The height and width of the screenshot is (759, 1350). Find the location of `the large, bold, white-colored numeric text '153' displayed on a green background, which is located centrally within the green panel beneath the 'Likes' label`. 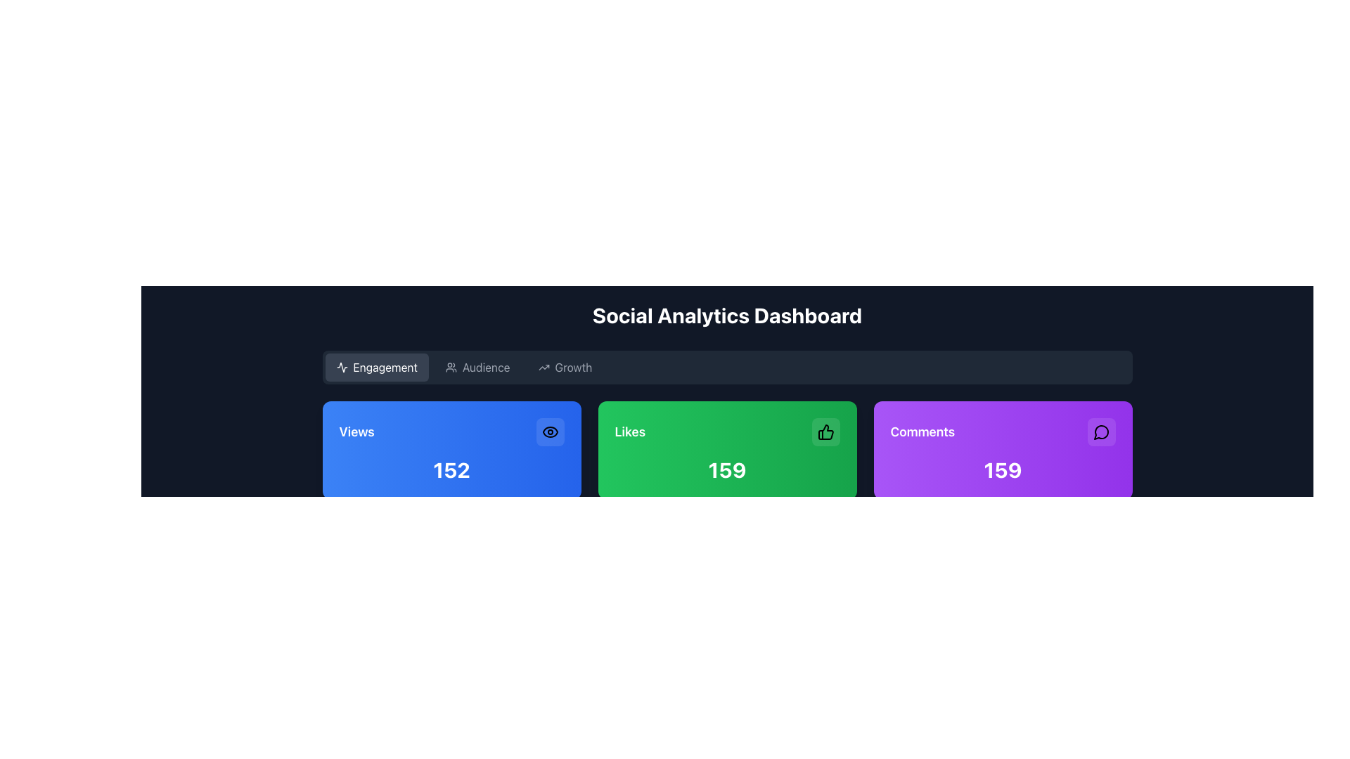

the large, bold, white-colored numeric text '153' displayed on a green background, which is located centrally within the green panel beneath the 'Likes' label is located at coordinates (727, 469).